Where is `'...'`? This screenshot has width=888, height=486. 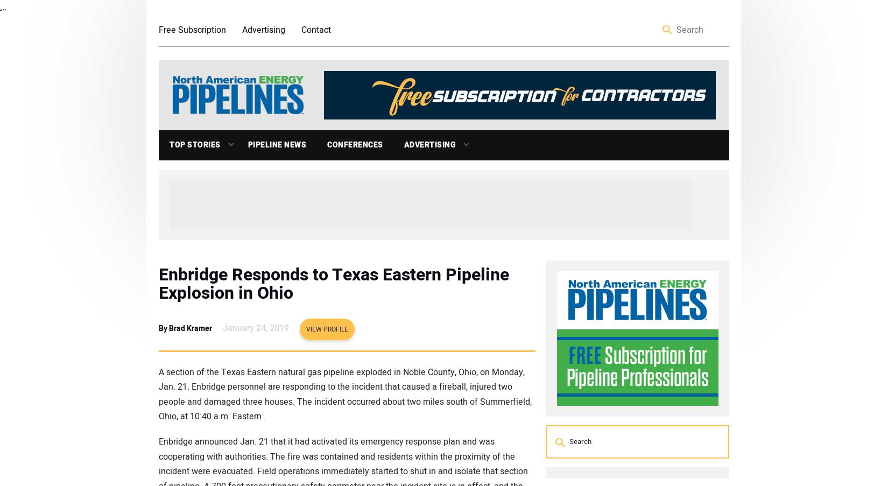
'...' is located at coordinates (3, 6).